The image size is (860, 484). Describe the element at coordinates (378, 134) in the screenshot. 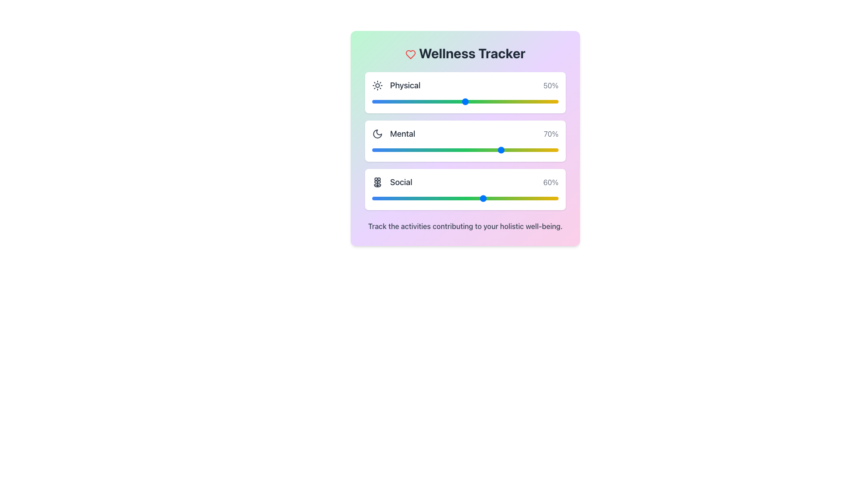

I see `the icon representing the 'Mental' category in the 'Wellness Tracker' interface, located in the second row to the left of the 'Mental' label` at that location.